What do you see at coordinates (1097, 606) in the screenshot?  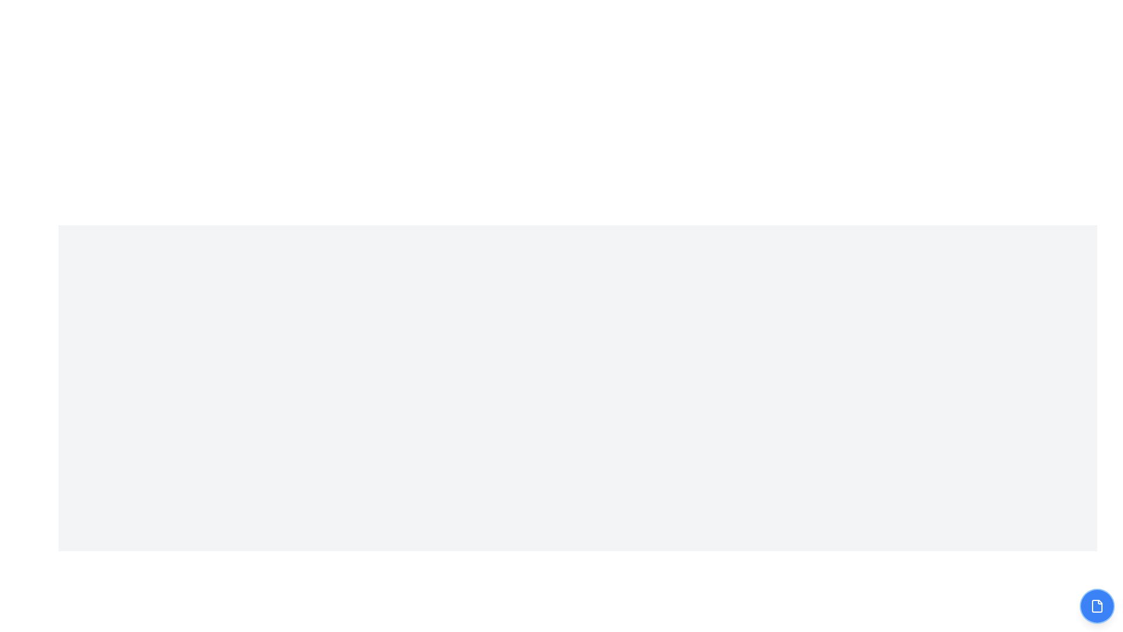 I see `the circular button in the bottom-right corner of the interface, which has a blue background and a white file icon` at bounding box center [1097, 606].